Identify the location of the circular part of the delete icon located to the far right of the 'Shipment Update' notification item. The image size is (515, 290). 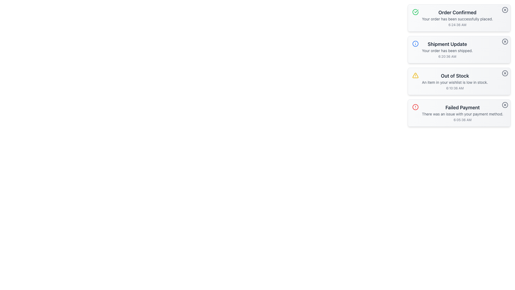
(505, 41).